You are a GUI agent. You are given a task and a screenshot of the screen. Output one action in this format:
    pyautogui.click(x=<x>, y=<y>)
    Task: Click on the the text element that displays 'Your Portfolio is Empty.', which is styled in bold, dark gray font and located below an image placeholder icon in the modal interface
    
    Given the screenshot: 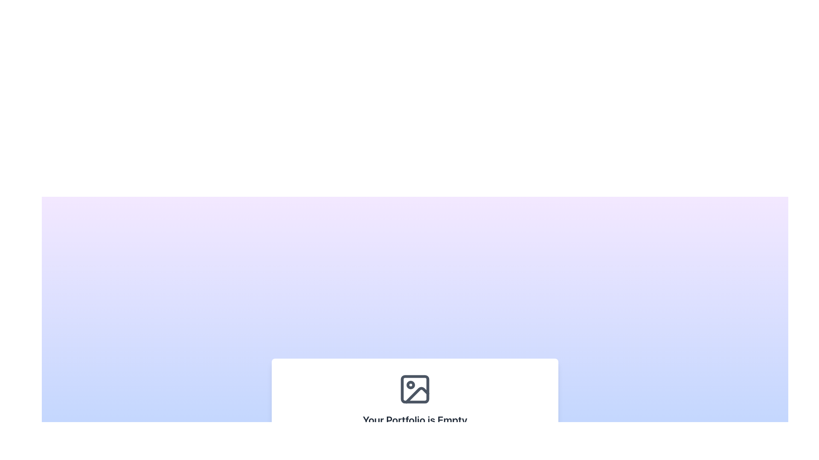 What is the action you would take?
    pyautogui.click(x=415, y=420)
    